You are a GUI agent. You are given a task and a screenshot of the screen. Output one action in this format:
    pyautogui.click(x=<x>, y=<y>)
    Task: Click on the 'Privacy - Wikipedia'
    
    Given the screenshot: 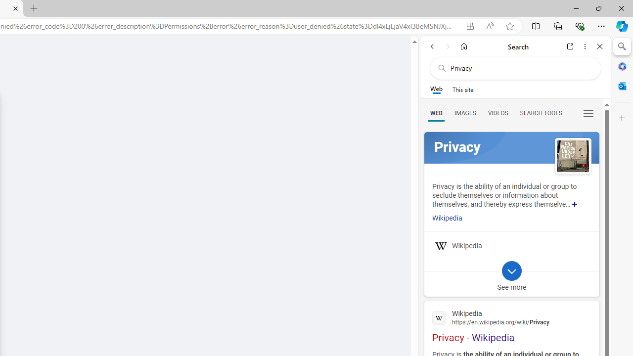 What is the action you would take?
    pyautogui.click(x=511, y=325)
    